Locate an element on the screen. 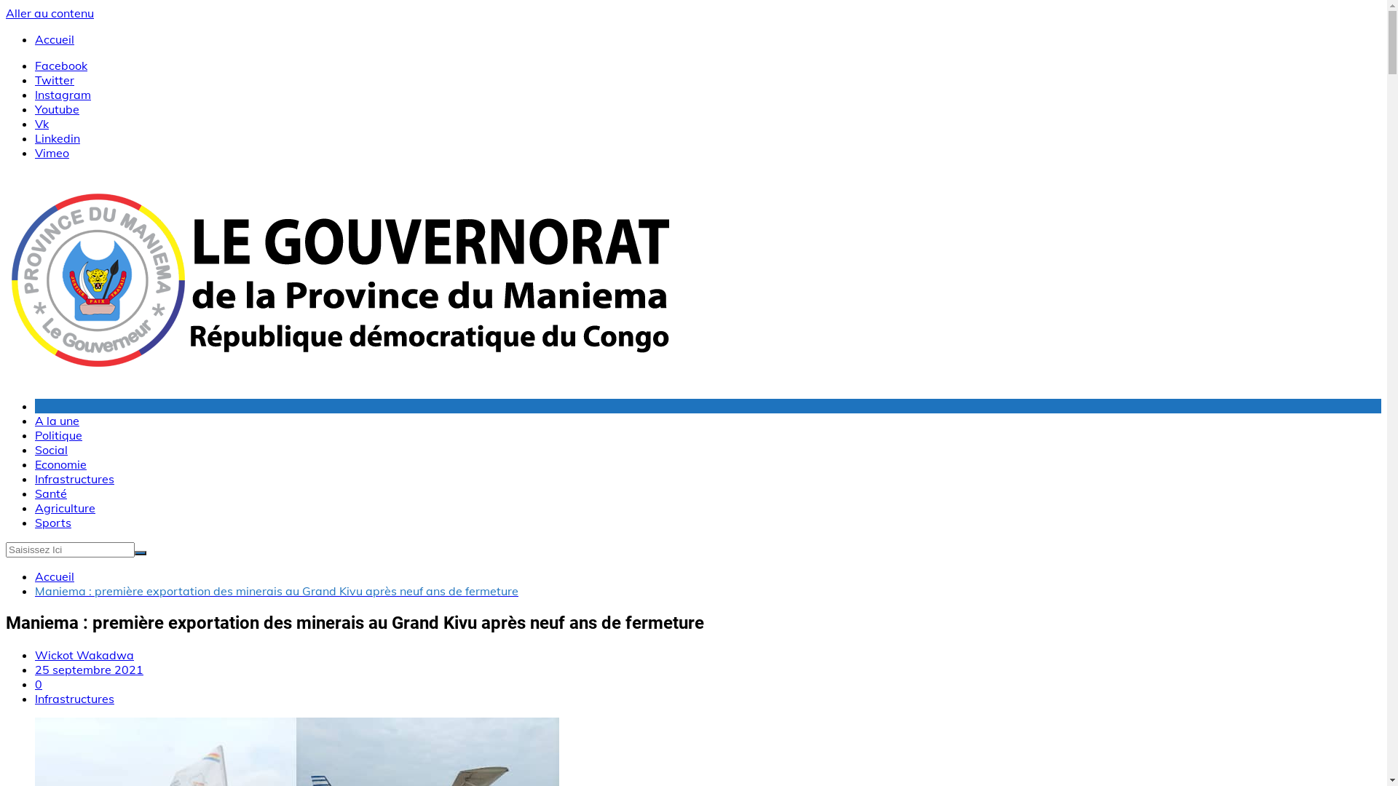  'Instagram' is located at coordinates (62, 95).